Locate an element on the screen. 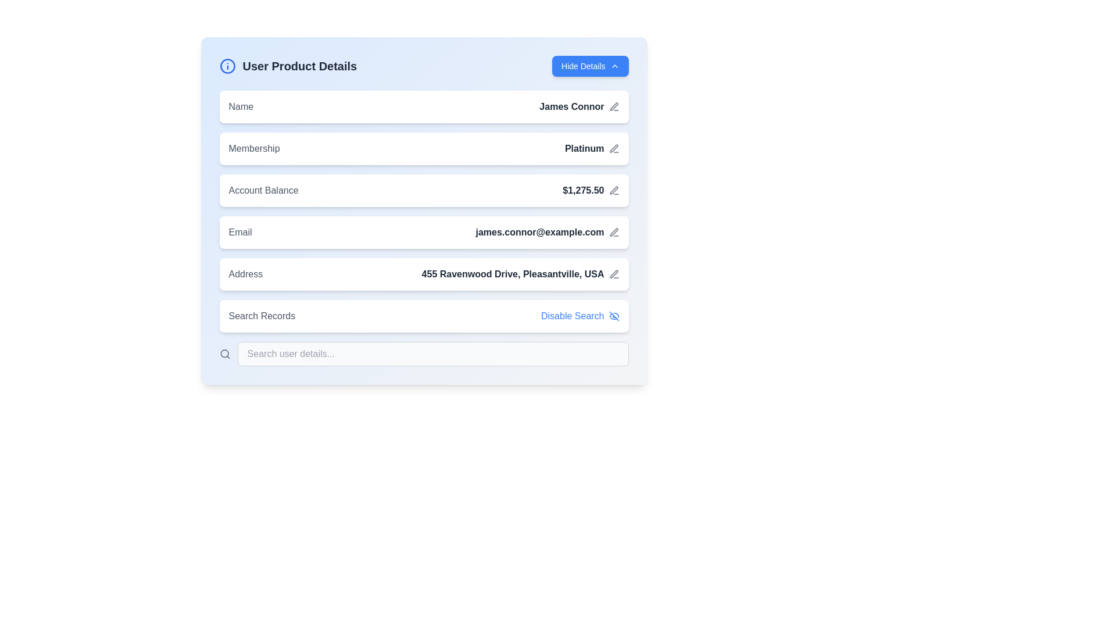 The image size is (1116, 628). the 'Hide Details' button, which is a rectangular button with a blue background and rounded corners, containing white text and a downward-pointing chevron icon, located in the upper right corner of the 'User Product Details' box is located at coordinates (590, 66).